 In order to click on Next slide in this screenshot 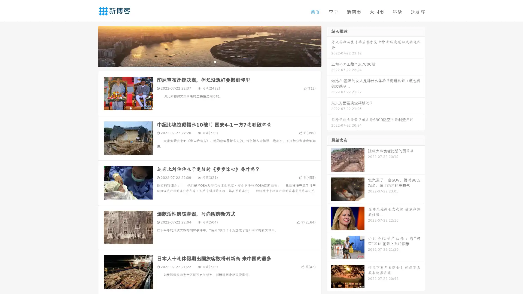, I will do `click(329, 46)`.